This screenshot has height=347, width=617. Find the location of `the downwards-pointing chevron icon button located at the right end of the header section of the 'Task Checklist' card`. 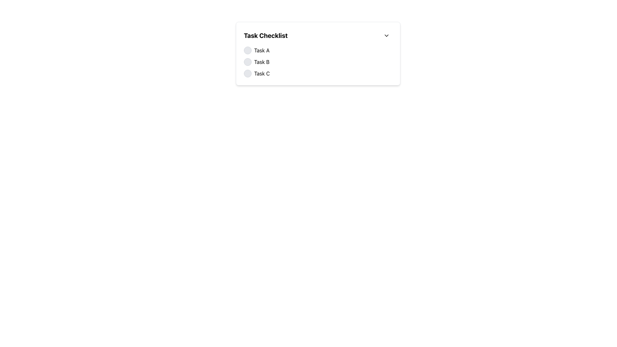

the downwards-pointing chevron icon button located at the right end of the header section of the 'Task Checklist' card is located at coordinates (386, 36).